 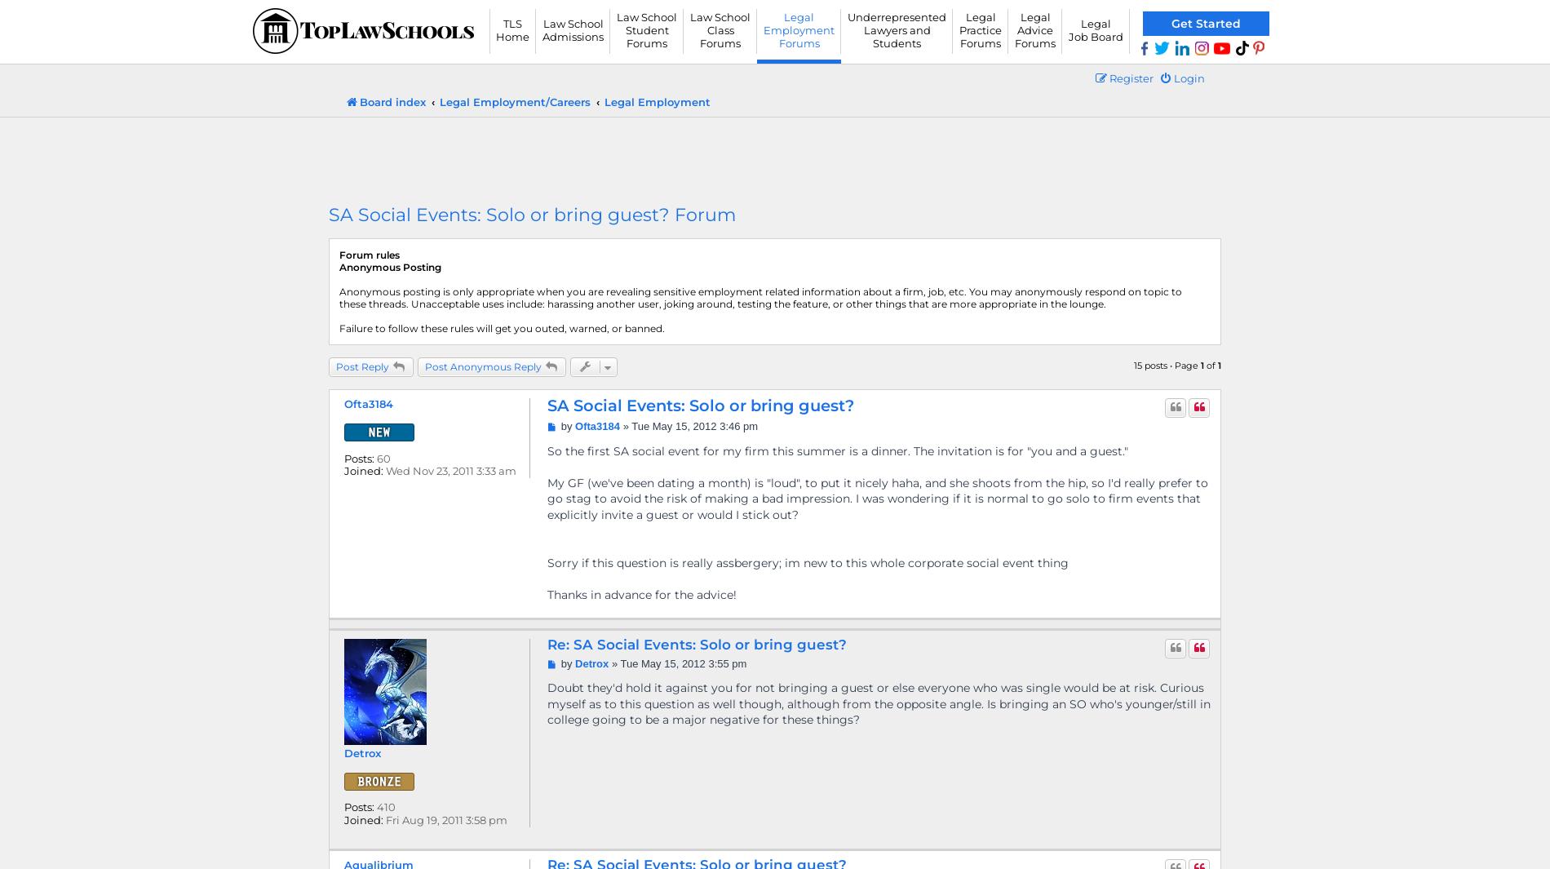 What do you see at coordinates (502, 327) in the screenshot?
I see `'Failure to follow these rules will get you outed, warned, or banned.'` at bounding box center [502, 327].